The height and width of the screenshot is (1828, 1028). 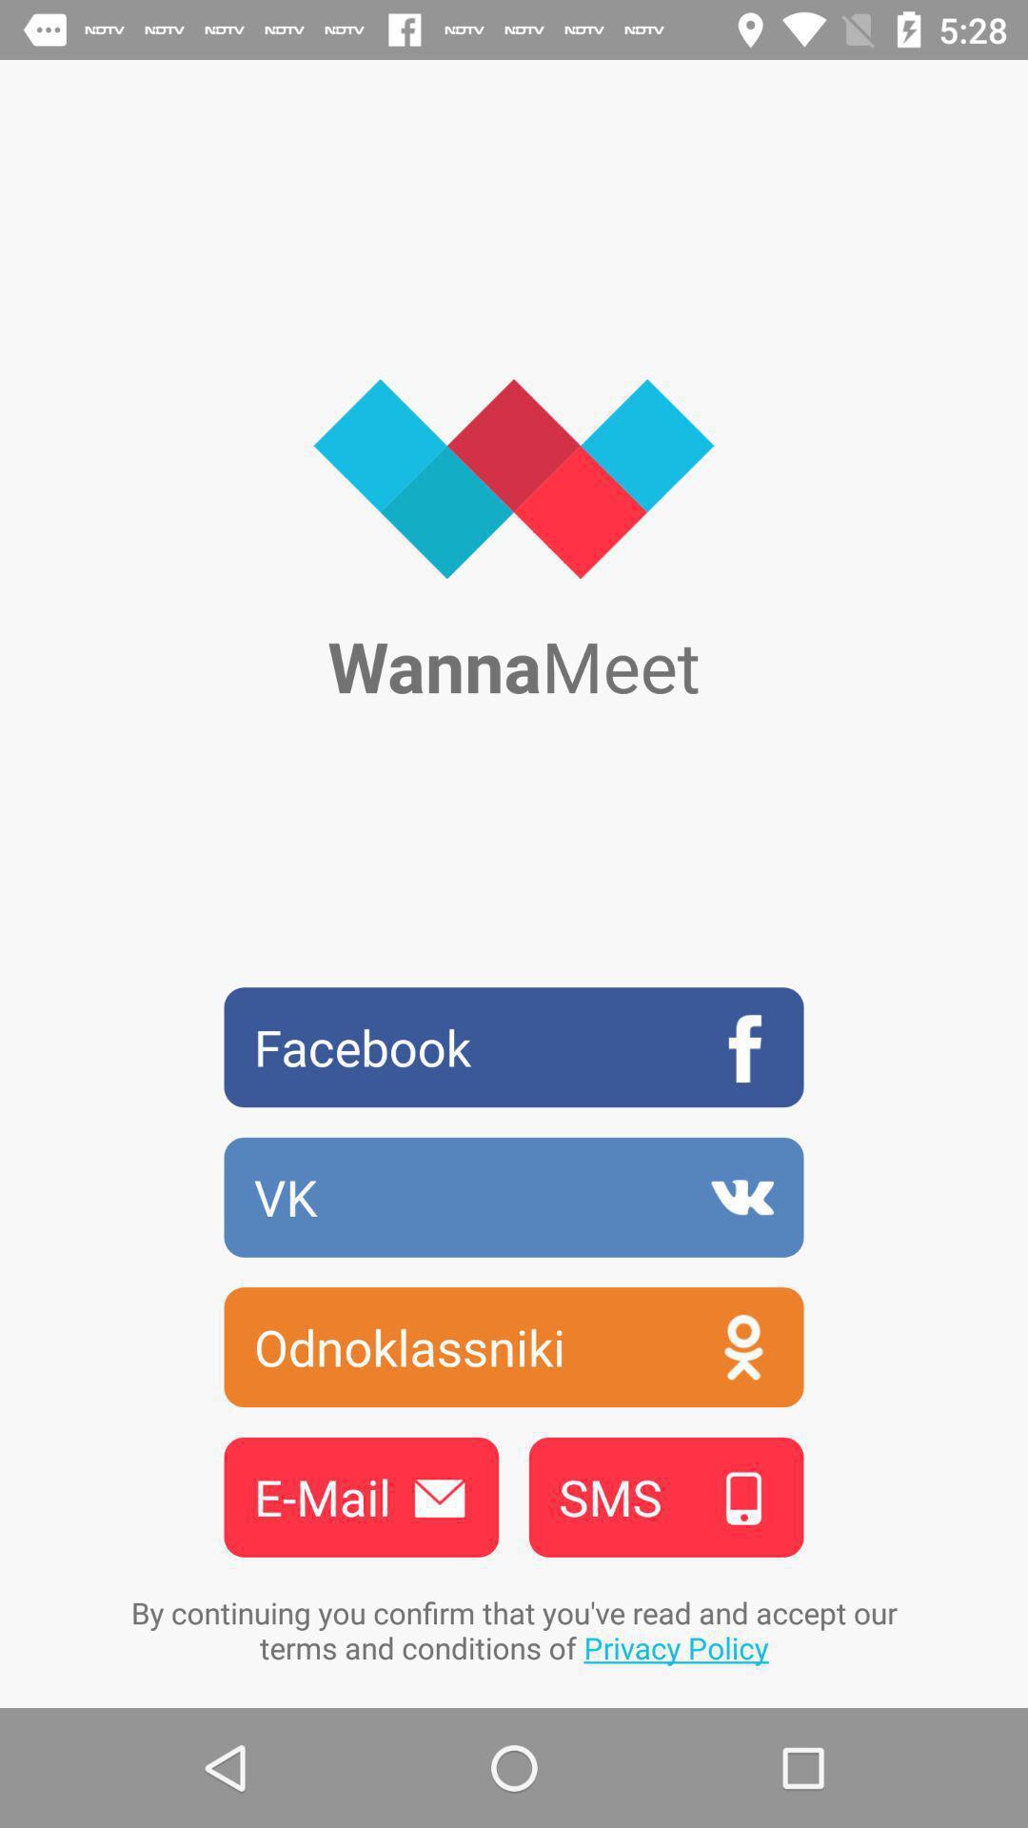 What do you see at coordinates (665, 1496) in the screenshot?
I see `icon next to e-mail item` at bounding box center [665, 1496].